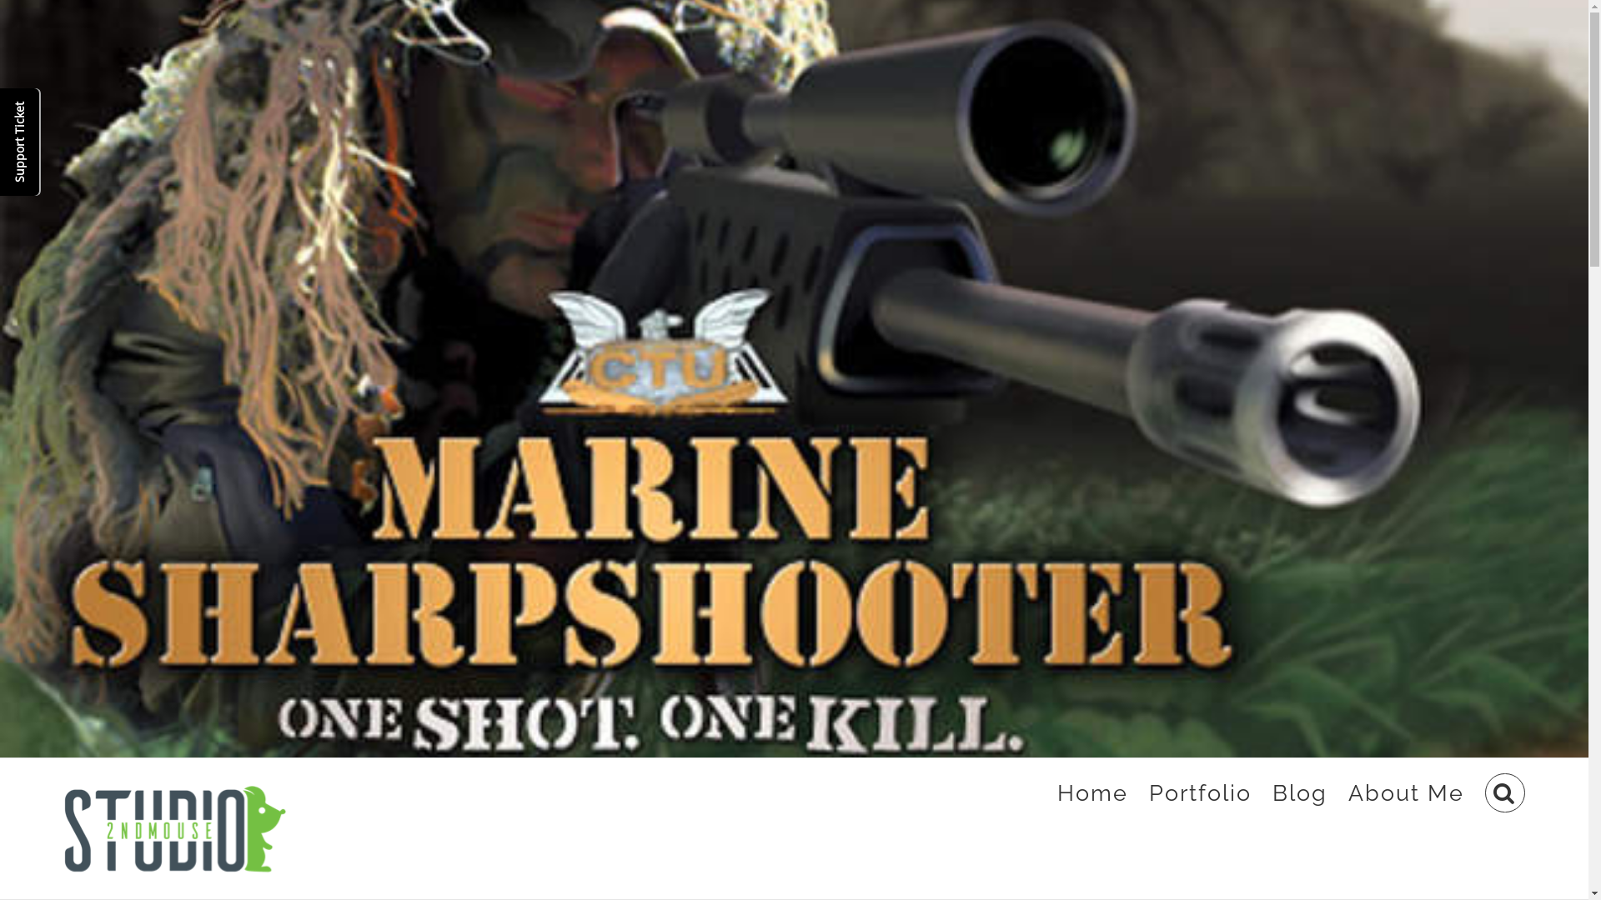 Image resolution: width=1601 pixels, height=900 pixels. I want to click on 'Blog', so click(1299, 792).